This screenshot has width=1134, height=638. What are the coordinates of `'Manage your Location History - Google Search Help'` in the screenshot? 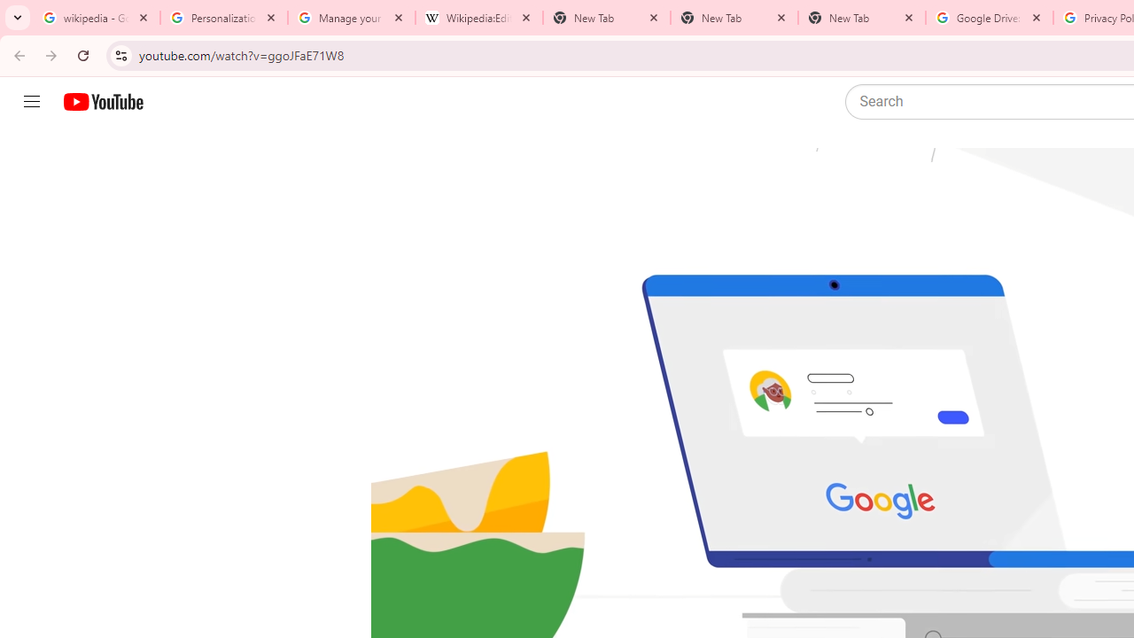 It's located at (351, 18).